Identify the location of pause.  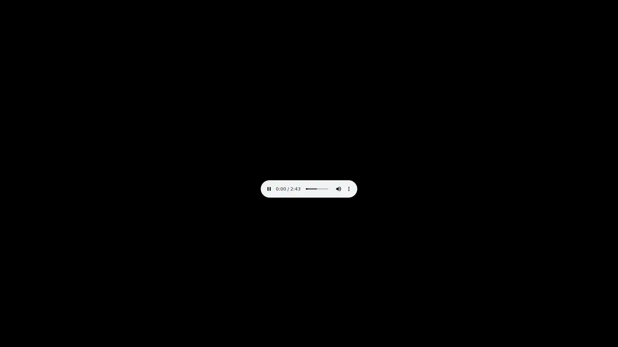
(269, 188).